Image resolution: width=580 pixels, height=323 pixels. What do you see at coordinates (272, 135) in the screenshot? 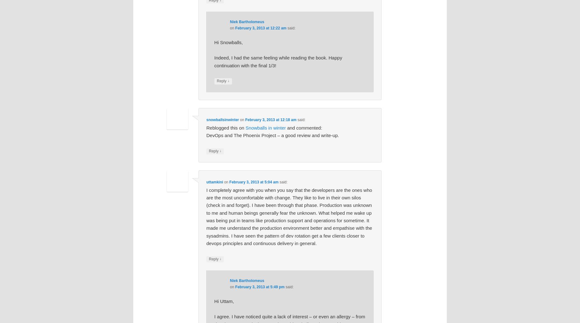
I see `'DevOps and The Phoenix Project – a good review and write-up.'` at bounding box center [272, 135].